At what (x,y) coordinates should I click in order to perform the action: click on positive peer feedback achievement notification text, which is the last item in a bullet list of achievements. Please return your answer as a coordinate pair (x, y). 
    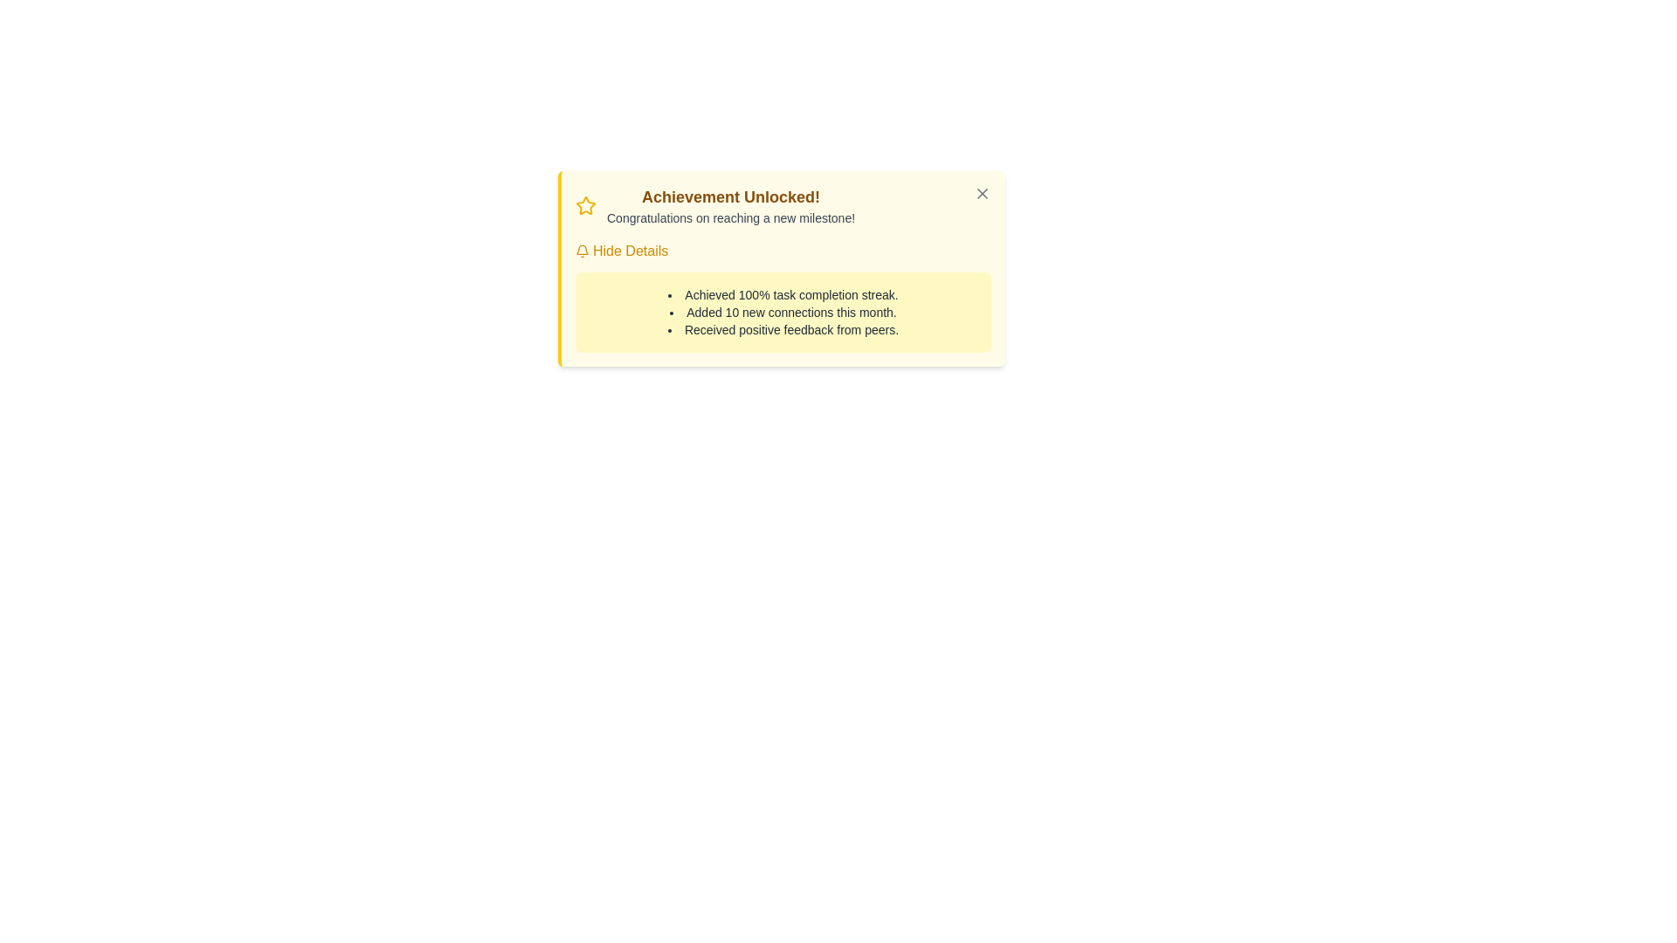
    Looking at the image, I should click on (783, 330).